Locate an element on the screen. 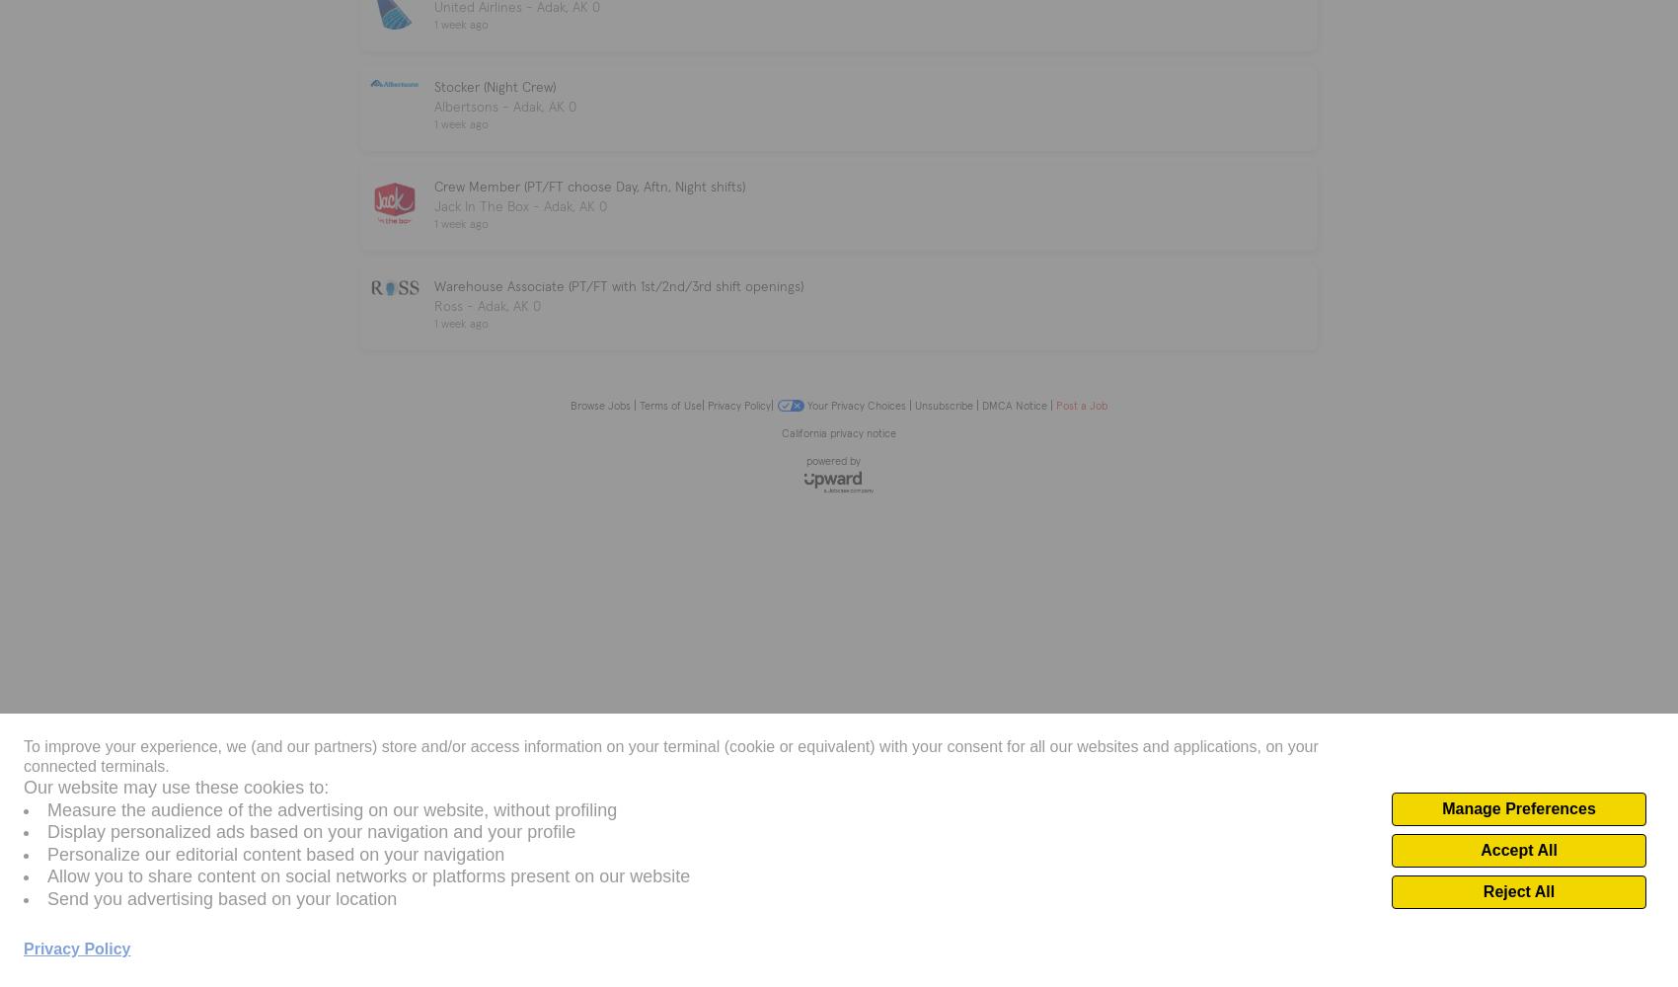  'Privacy Policy' is located at coordinates (736, 405).